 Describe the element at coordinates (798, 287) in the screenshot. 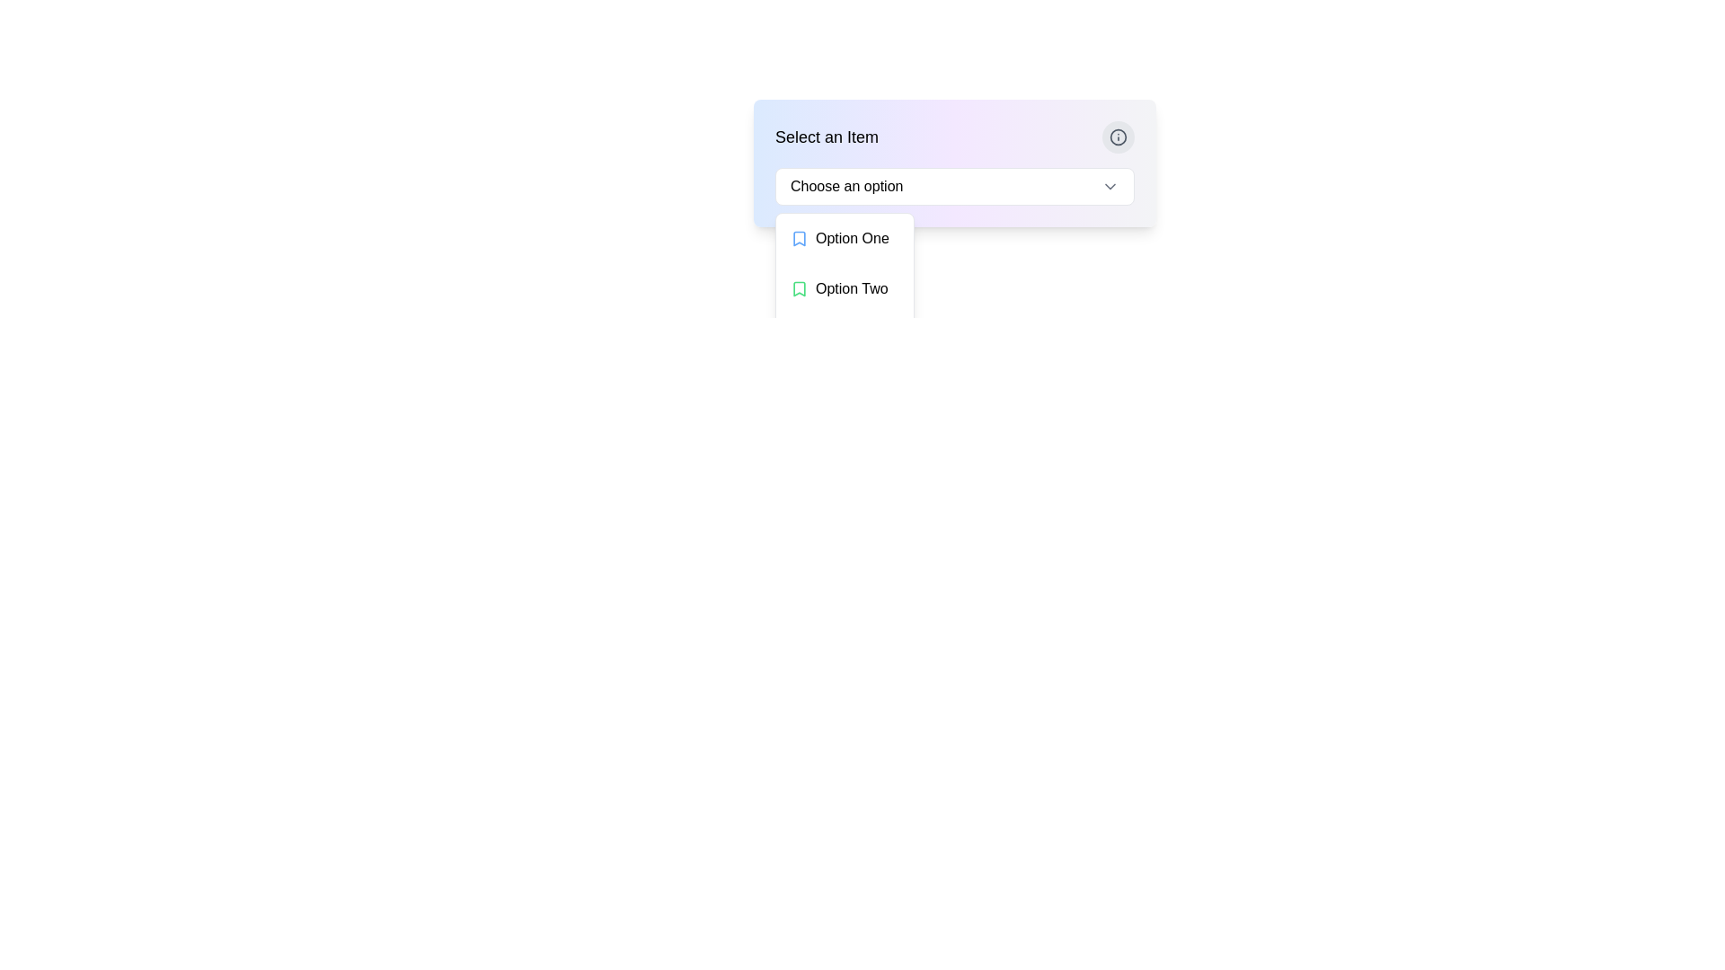

I see `the bookmark-shaped SVG icon with a green outline located next to the text 'Option Two' in the dropdown menu` at that location.